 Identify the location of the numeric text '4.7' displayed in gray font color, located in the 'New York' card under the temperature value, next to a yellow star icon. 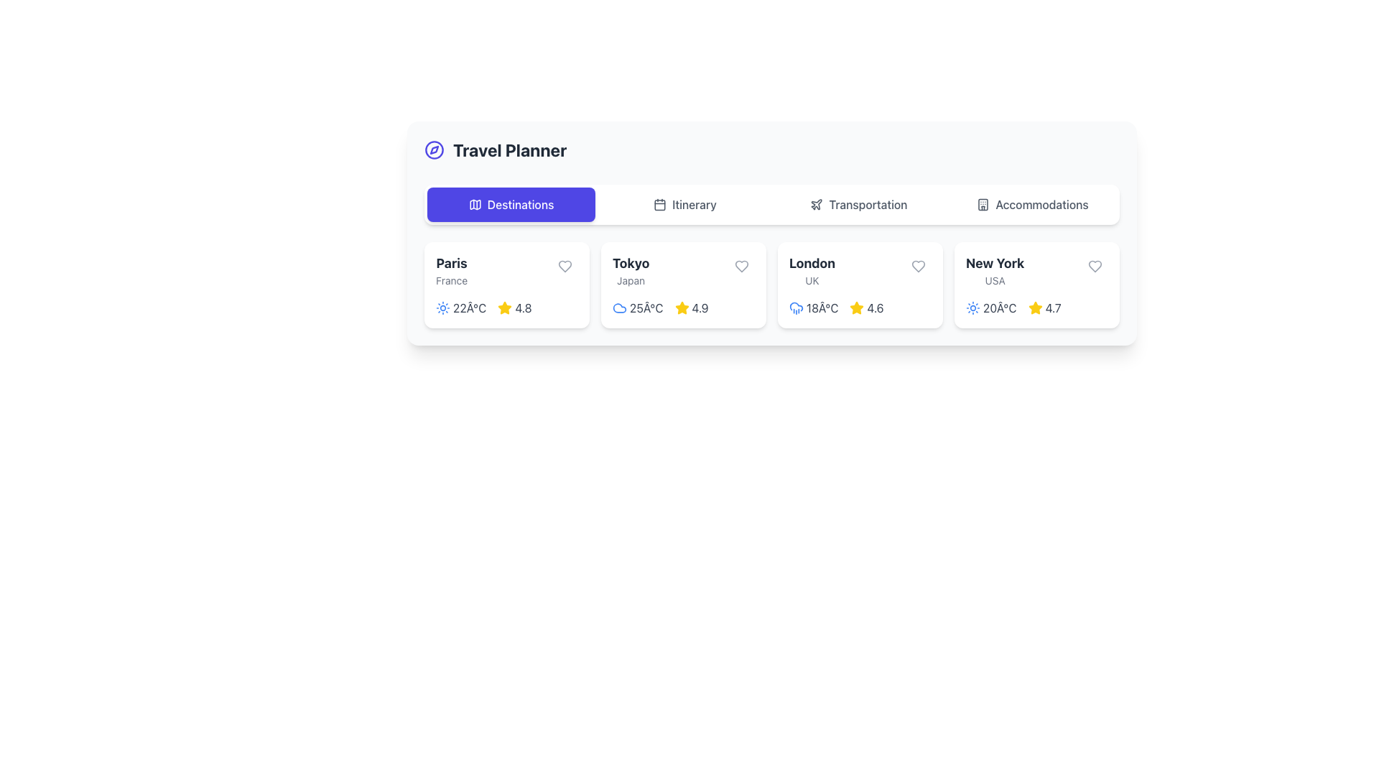
(1053, 307).